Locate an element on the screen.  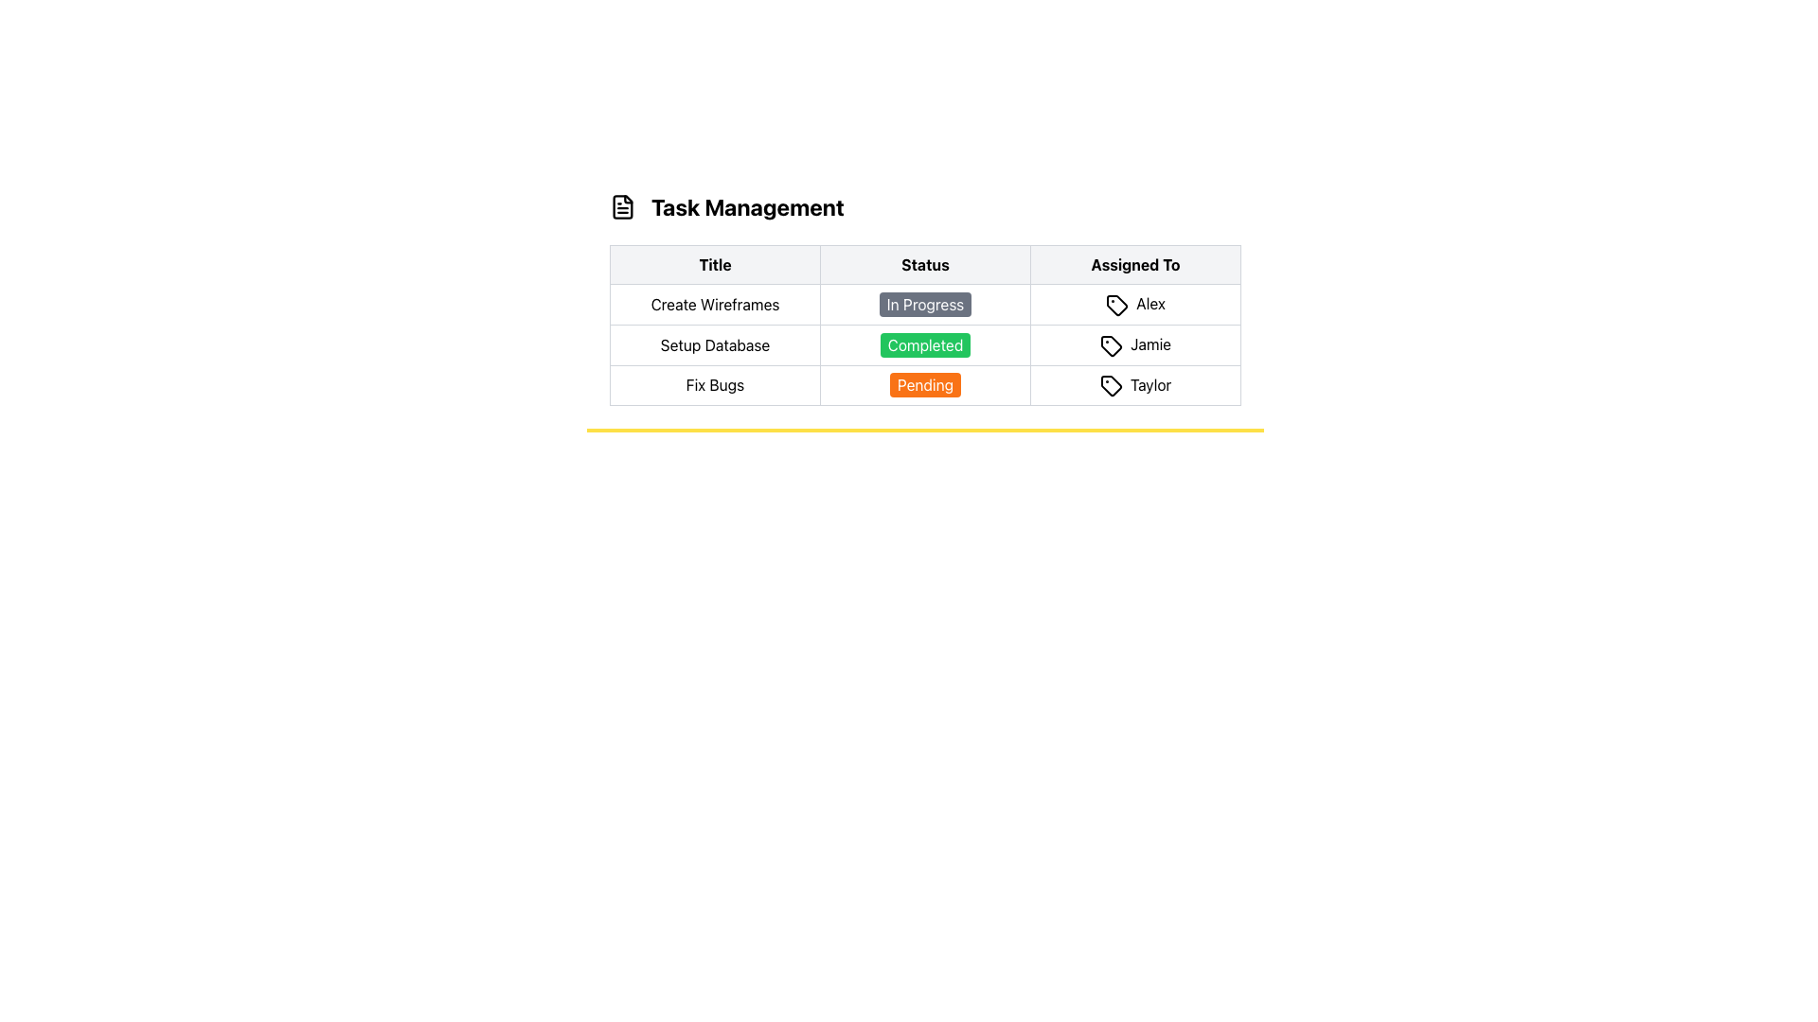
the Status Label in the second row under the 'Status' column for the task titled 'Setup Database' is located at coordinates (925, 344).